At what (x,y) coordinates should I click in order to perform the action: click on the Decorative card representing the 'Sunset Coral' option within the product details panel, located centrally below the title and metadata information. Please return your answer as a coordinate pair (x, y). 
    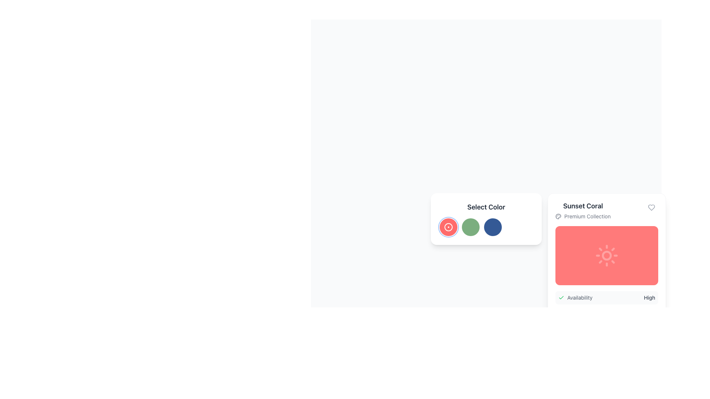
    Looking at the image, I should click on (607, 255).